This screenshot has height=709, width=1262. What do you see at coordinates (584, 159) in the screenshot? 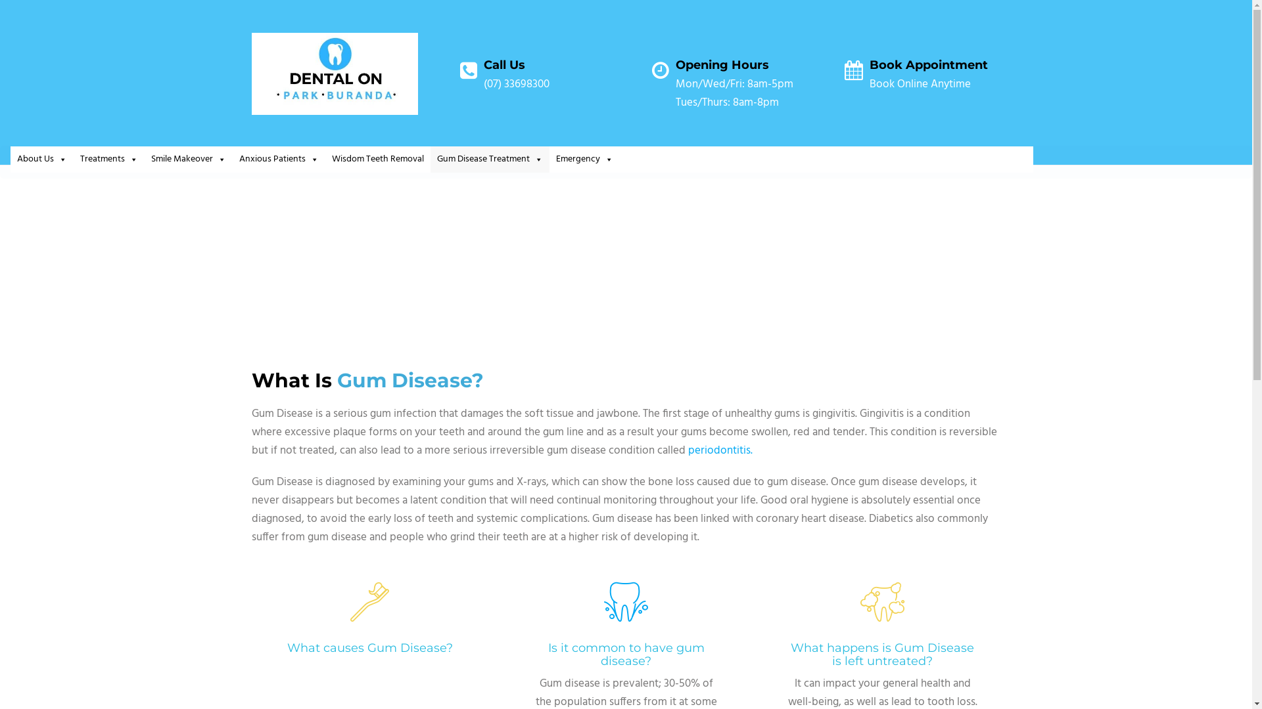
I see `'Emergency'` at bounding box center [584, 159].